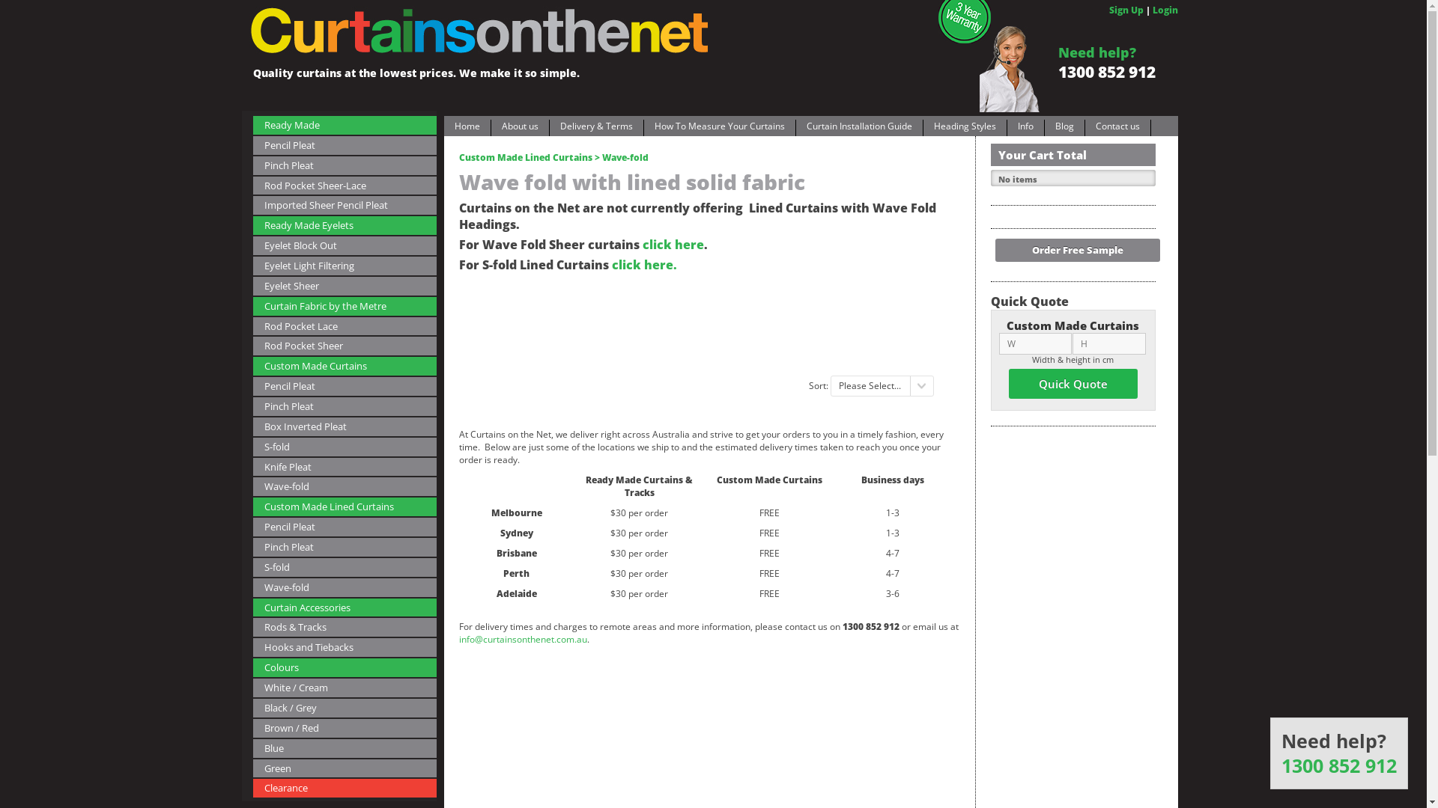 The height and width of the screenshot is (808, 1438). Describe the element at coordinates (1043, 126) in the screenshot. I see `'Blog'` at that location.